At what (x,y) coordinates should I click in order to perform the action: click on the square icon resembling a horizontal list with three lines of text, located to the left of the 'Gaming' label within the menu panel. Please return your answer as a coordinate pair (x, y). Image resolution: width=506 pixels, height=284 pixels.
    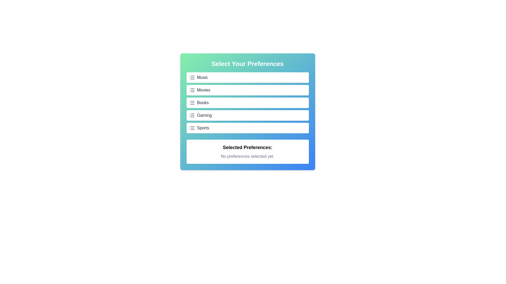
    Looking at the image, I should click on (191, 115).